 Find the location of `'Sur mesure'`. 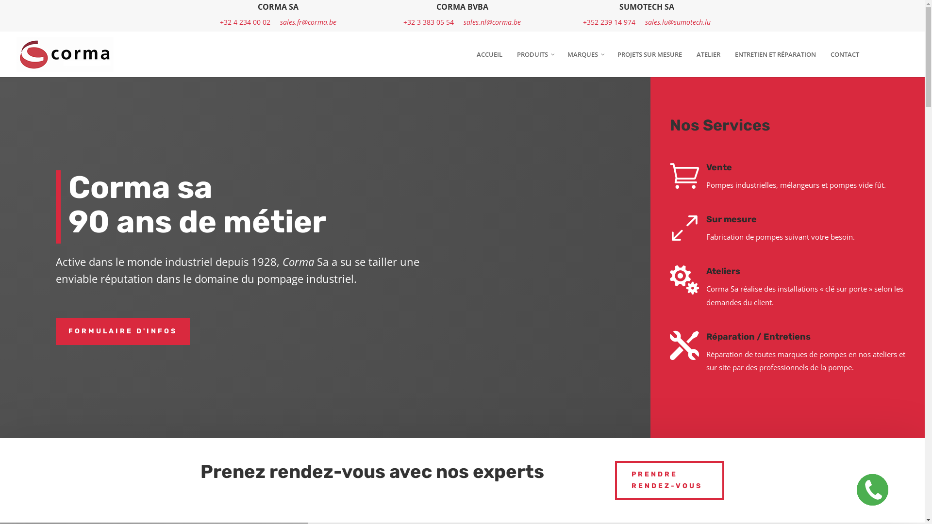

'Sur mesure' is located at coordinates (732, 219).